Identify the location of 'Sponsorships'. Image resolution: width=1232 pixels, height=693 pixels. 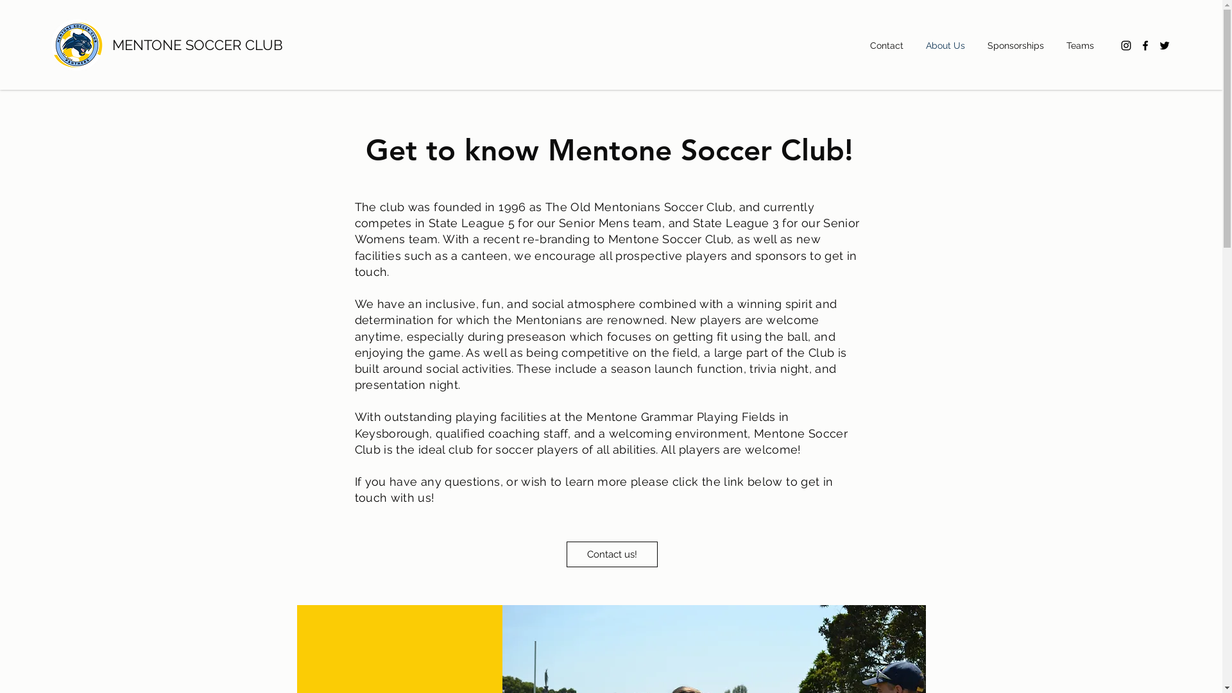
(1020, 44).